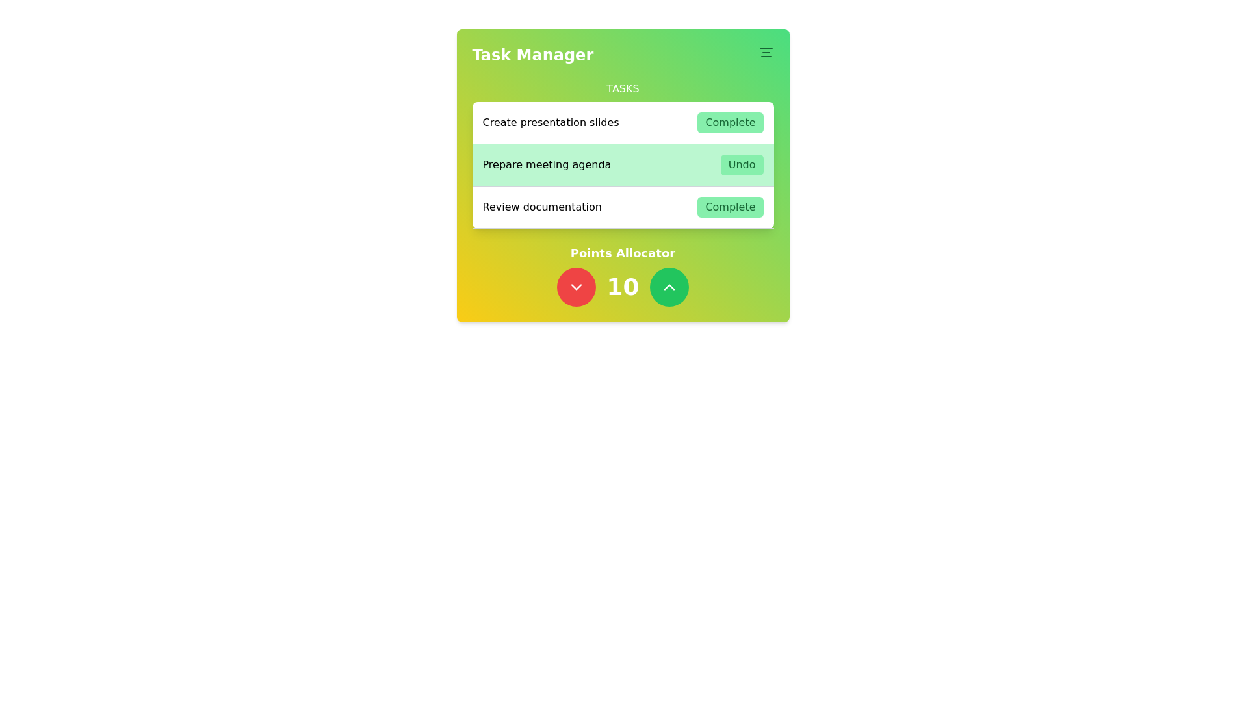  I want to click on the decrement button located to the left of the green upward arrow in the 'Points Allocator' section, so click(576, 287).